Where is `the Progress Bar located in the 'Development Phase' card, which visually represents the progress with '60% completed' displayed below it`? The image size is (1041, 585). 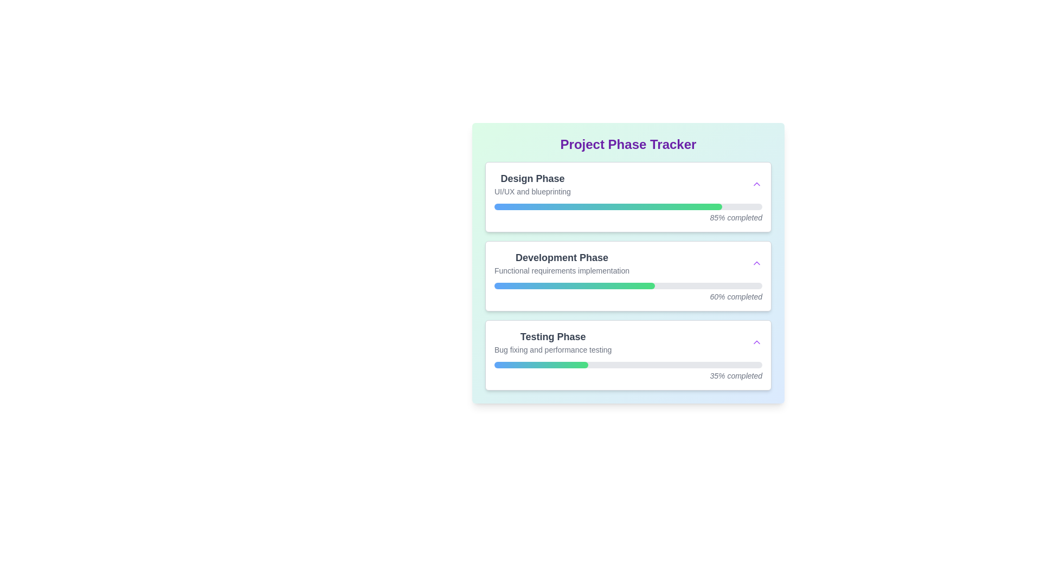
the Progress Bar located in the 'Development Phase' card, which visually represents the progress with '60% completed' displayed below it is located at coordinates (628, 285).